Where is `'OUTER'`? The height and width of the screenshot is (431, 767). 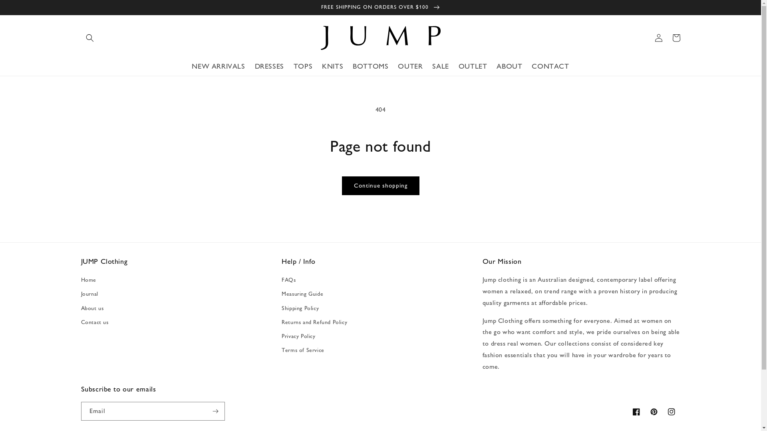
'OUTER' is located at coordinates (410, 66).